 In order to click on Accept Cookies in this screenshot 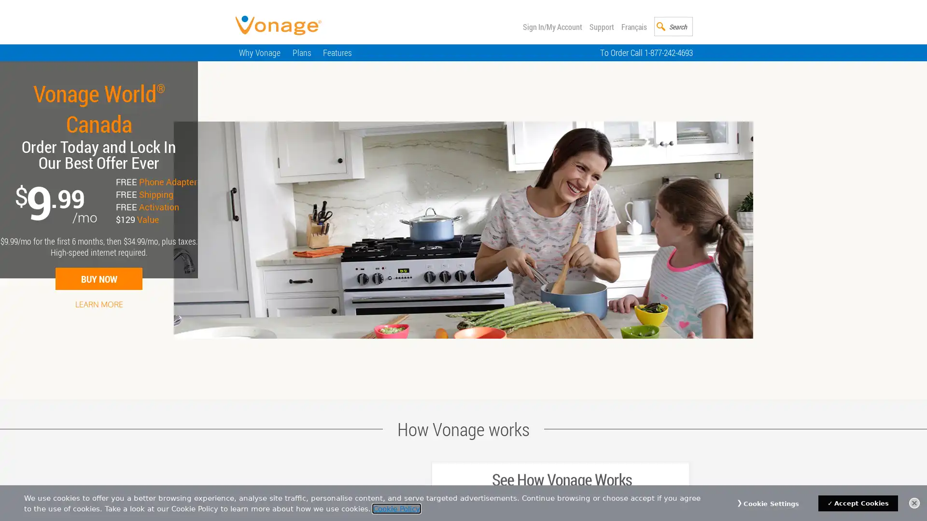, I will do `click(858, 503)`.